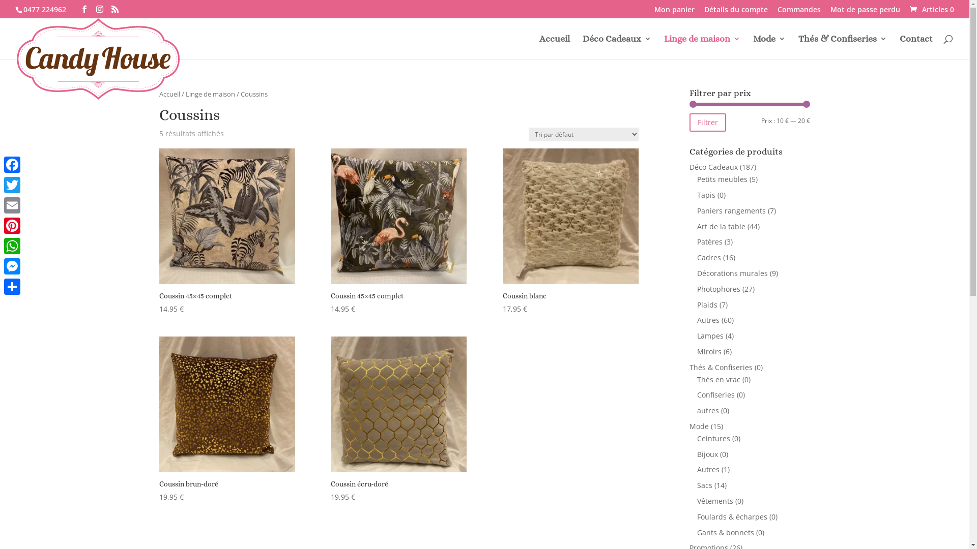 The image size is (977, 549). What do you see at coordinates (707, 121) in the screenshot?
I see `'Filtrer'` at bounding box center [707, 121].